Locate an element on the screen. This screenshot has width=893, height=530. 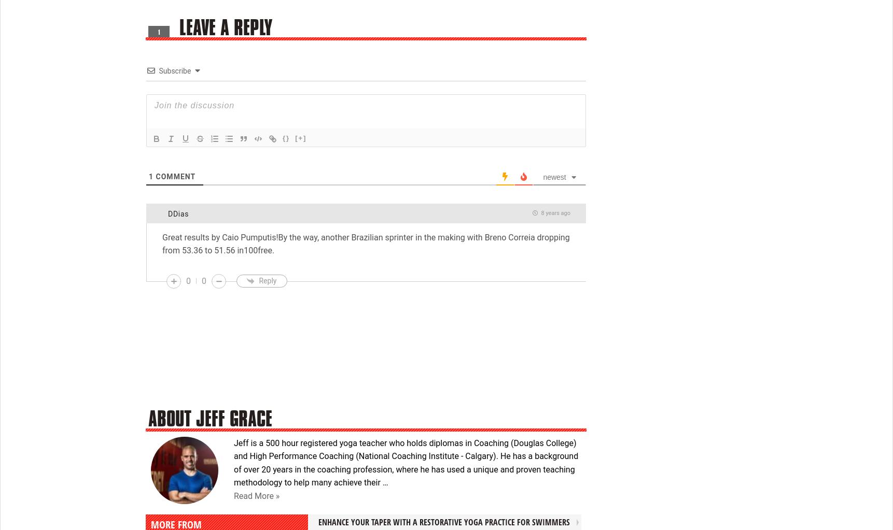
'{}' is located at coordinates (286, 138).